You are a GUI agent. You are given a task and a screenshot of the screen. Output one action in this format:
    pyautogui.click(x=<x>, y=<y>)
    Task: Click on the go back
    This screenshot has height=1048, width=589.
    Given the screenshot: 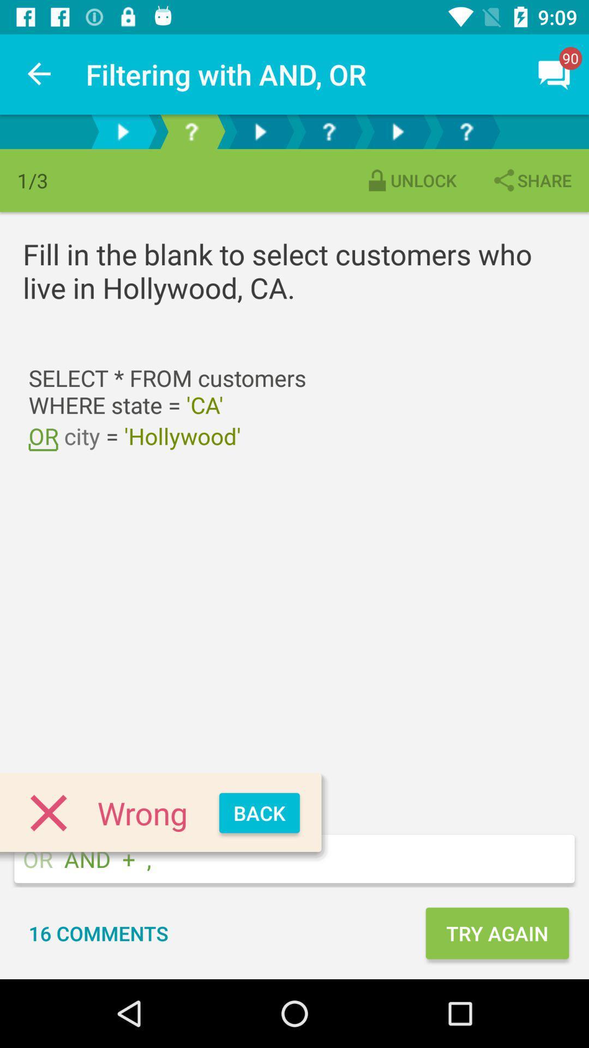 What is the action you would take?
    pyautogui.click(x=260, y=131)
    